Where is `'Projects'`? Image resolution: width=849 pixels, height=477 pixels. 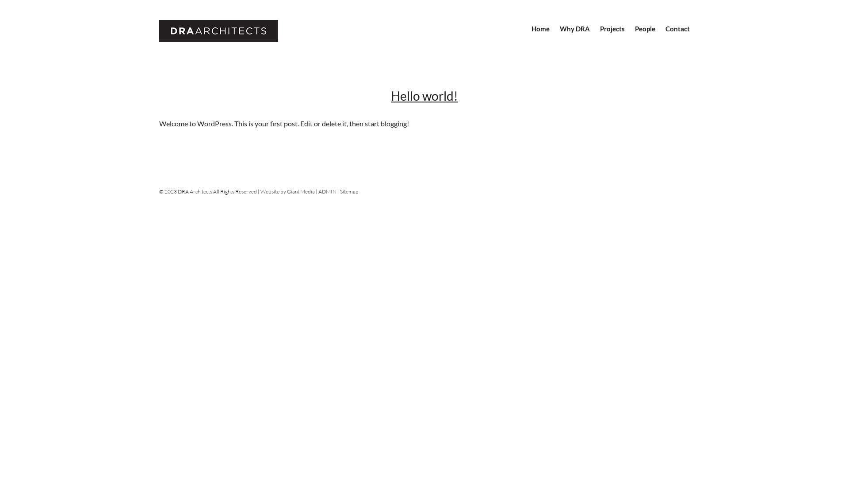
'Projects' is located at coordinates (590, 34).